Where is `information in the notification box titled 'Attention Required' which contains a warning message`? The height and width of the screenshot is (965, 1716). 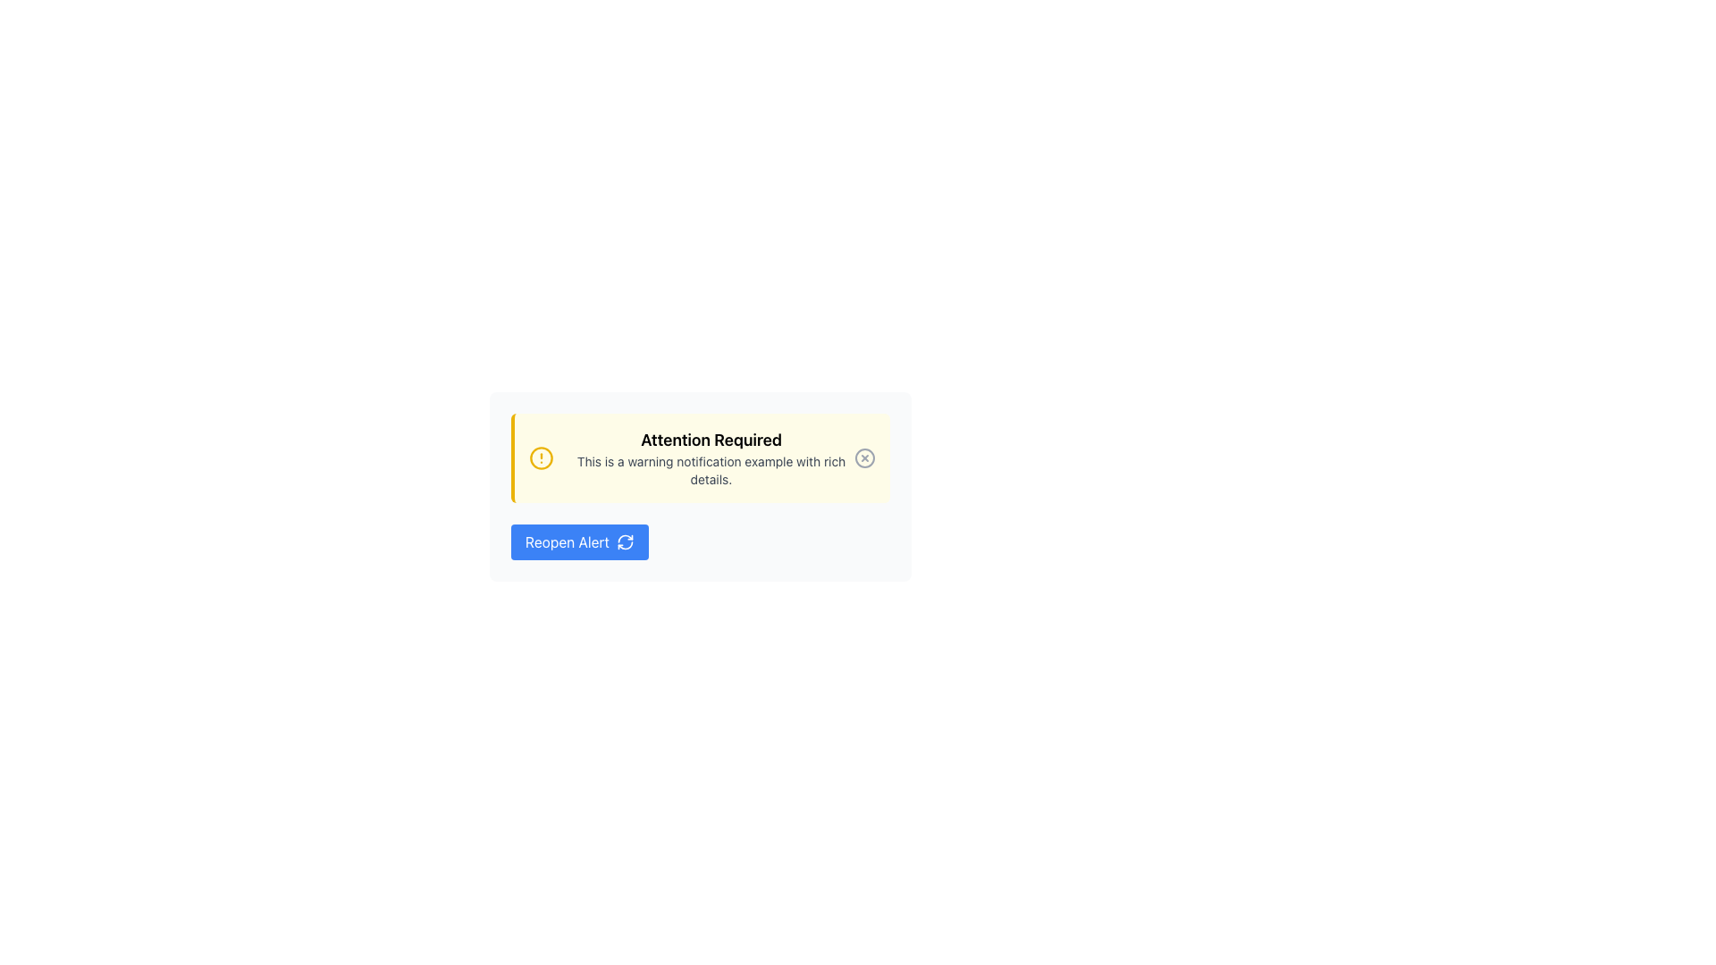
information in the notification box titled 'Attention Required' which contains a warning message is located at coordinates (699, 457).